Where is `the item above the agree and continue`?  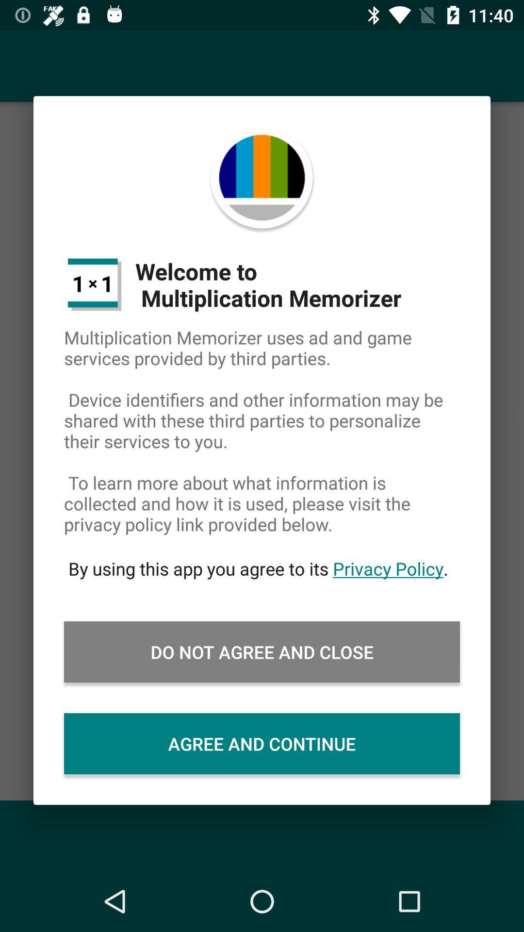
the item above the agree and continue is located at coordinates (262, 652).